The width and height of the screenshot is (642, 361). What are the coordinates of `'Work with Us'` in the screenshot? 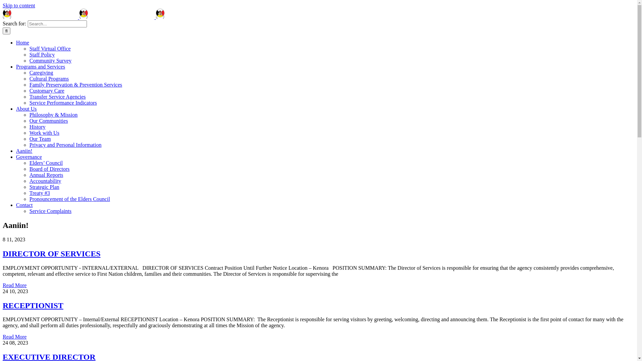 It's located at (44, 133).